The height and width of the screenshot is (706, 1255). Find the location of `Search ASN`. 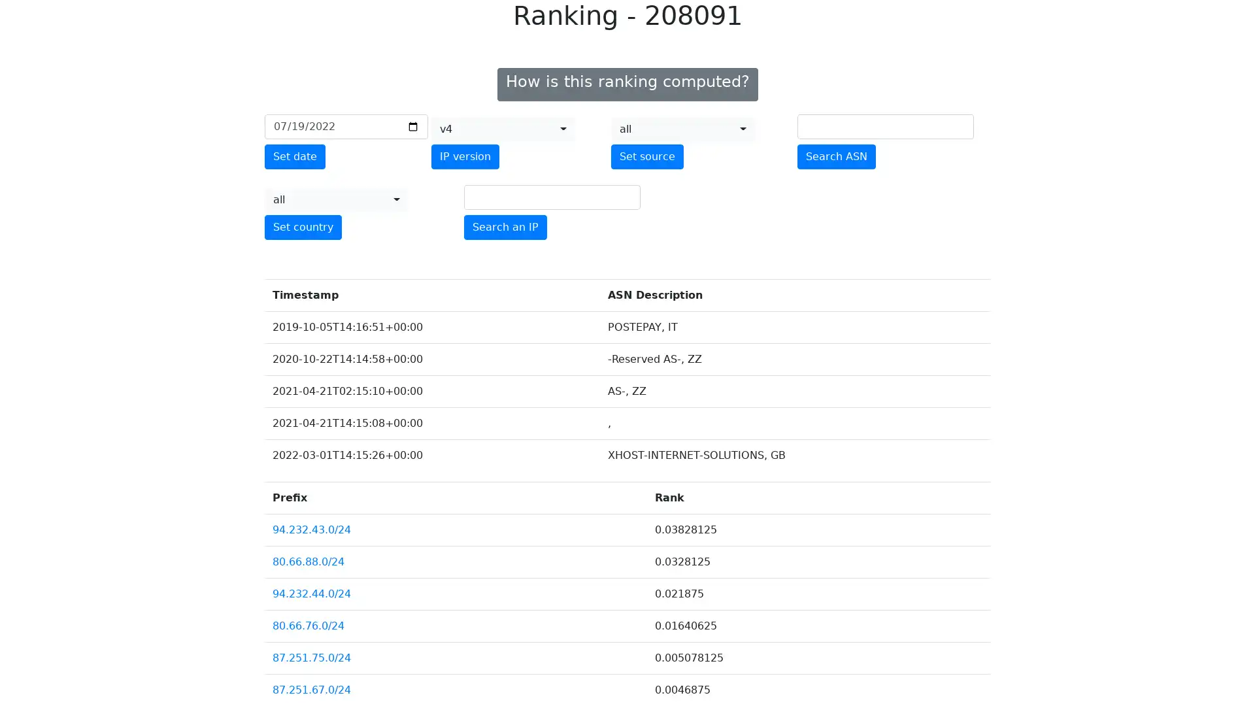

Search ASN is located at coordinates (837, 156).